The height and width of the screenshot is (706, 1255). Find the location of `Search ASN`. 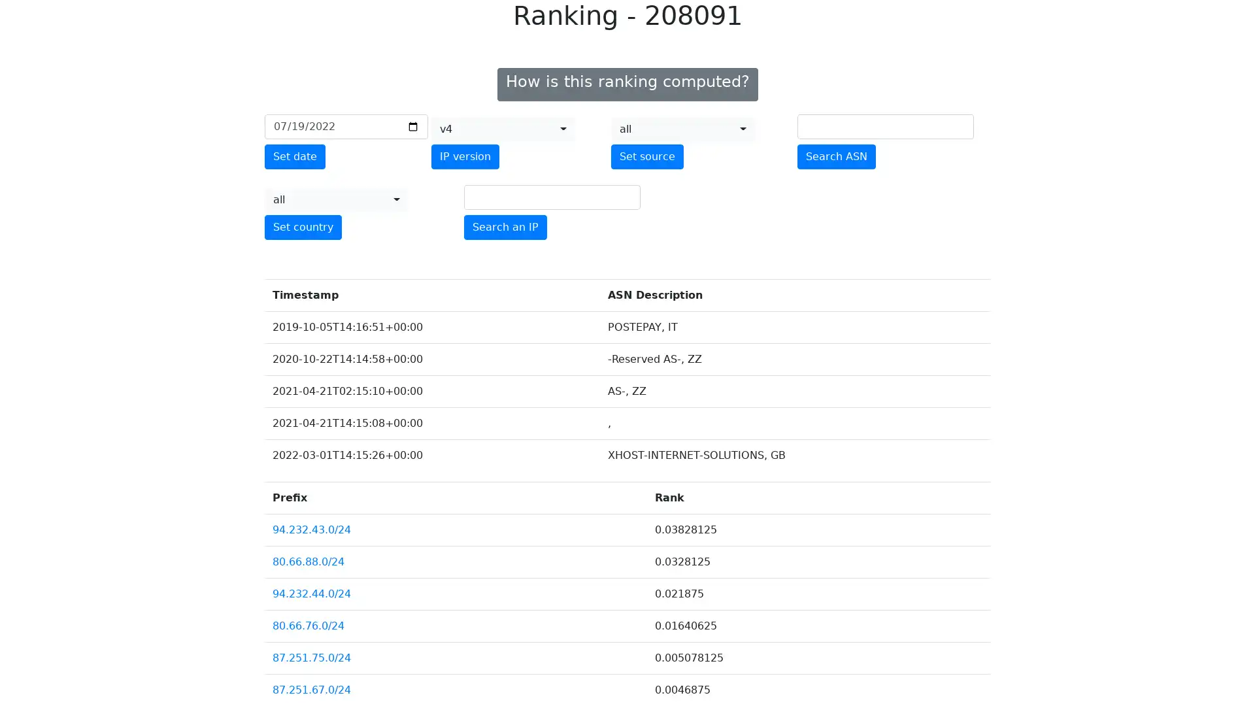

Search ASN is located at coordinates (837, 156).